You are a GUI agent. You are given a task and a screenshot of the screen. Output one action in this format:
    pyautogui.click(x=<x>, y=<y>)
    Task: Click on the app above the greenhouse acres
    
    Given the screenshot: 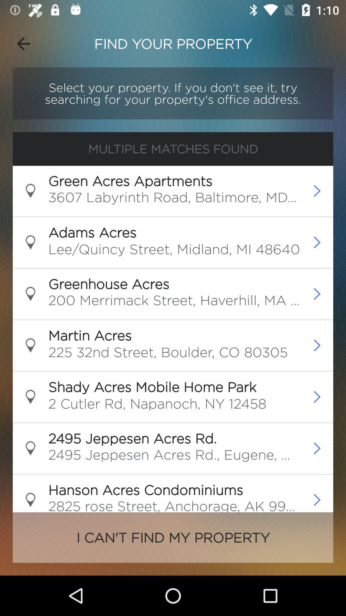 What is the action you would take?
    pyautogui.click(x=174, y=250)
    